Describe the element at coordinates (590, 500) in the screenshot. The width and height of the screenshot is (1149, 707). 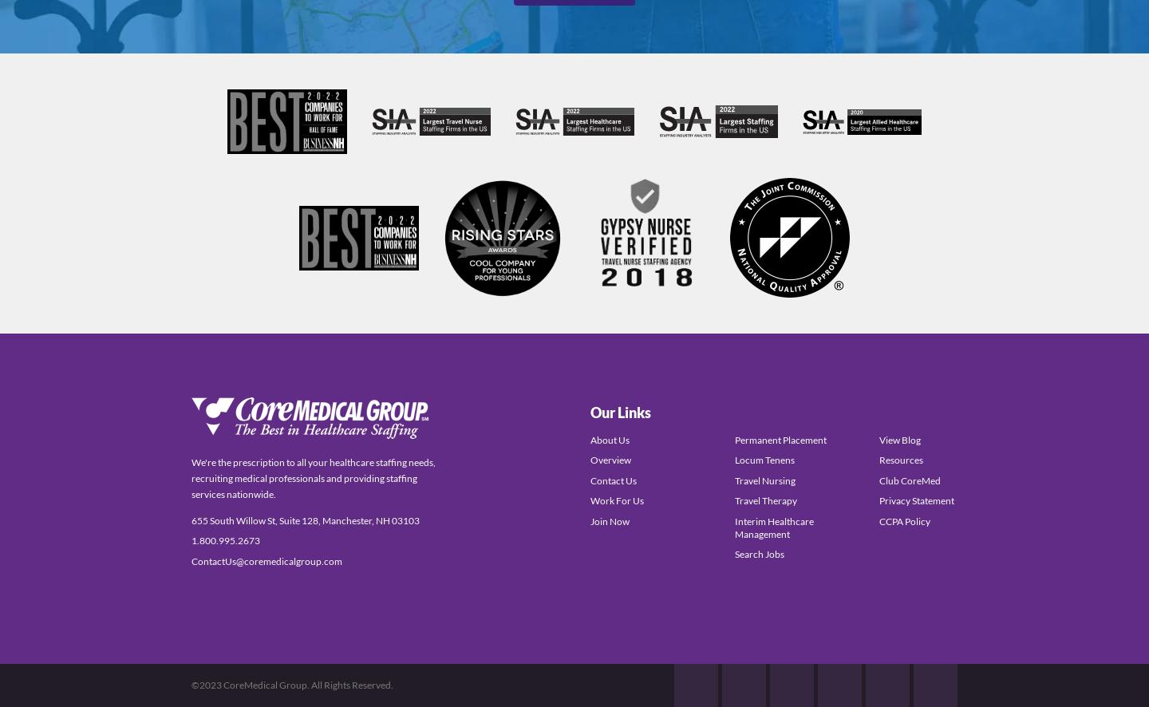
I see `'Work For Us'` at that location.